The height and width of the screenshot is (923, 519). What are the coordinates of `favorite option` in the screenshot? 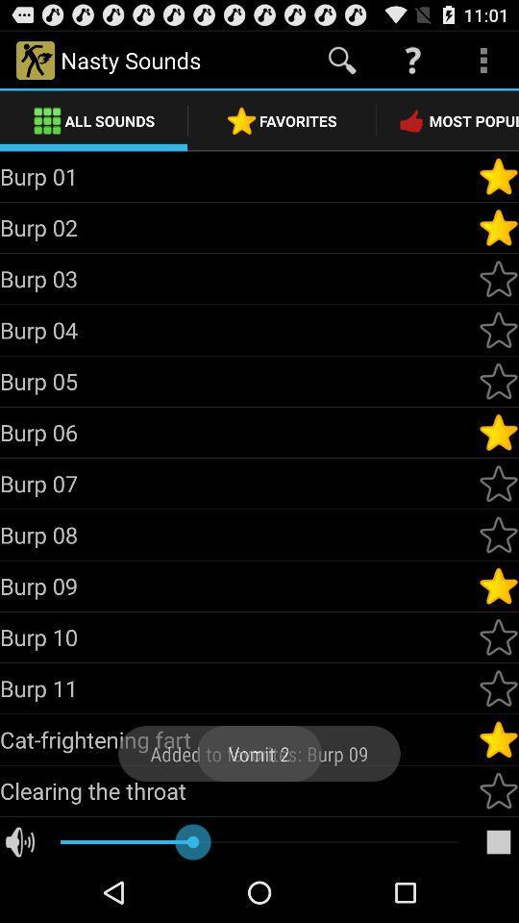 It's located at (498, 790).